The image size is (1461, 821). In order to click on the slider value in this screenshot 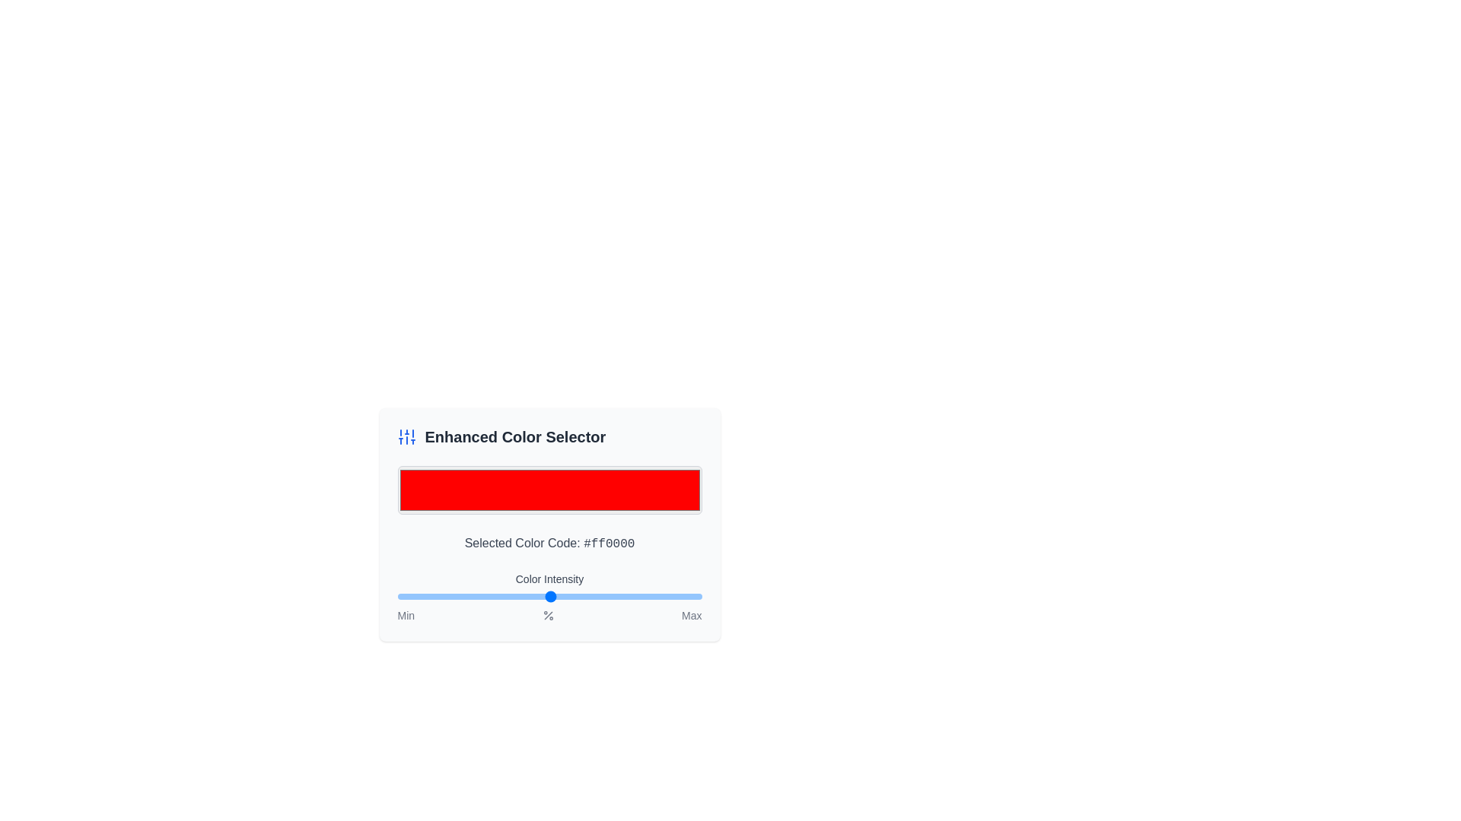, I will do `click(539, 596)`.